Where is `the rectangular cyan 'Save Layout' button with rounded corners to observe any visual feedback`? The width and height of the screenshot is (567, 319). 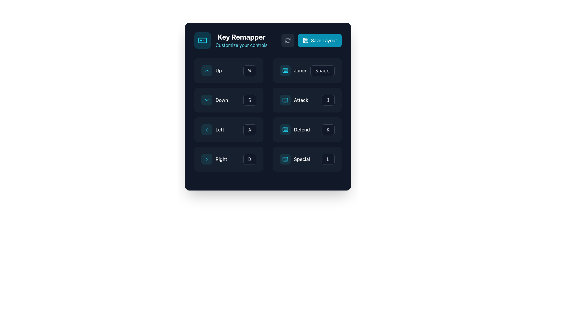
the rectangular cyan 'Save Layout' button with rounded corners to observe any visual feedback is located at coordinates (320, 40).